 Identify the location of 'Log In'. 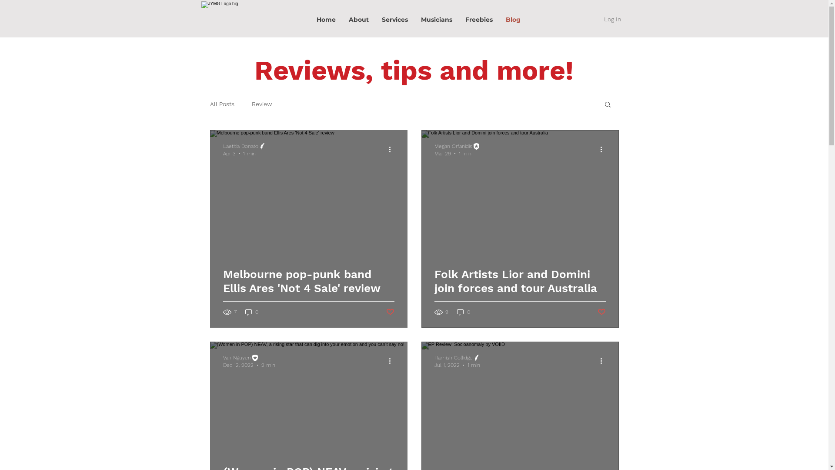
(611, 20).